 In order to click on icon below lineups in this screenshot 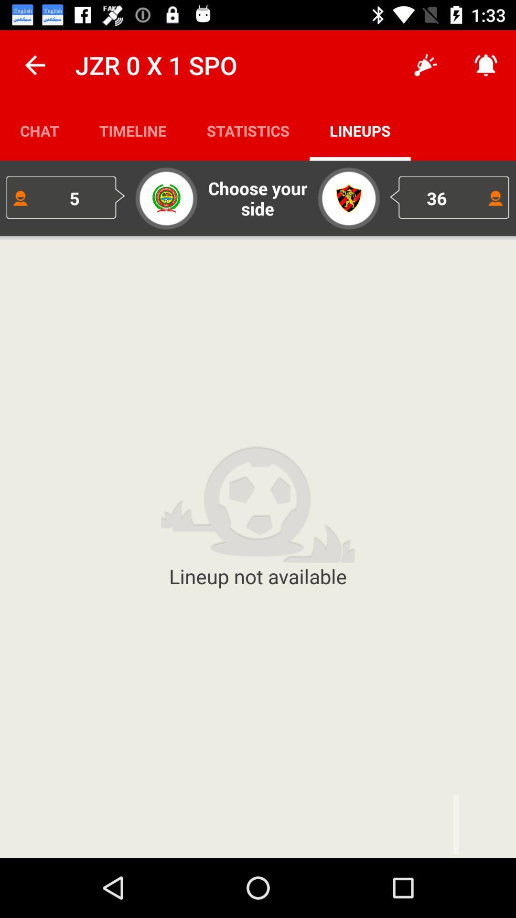, I will do `click(450, 197)`.